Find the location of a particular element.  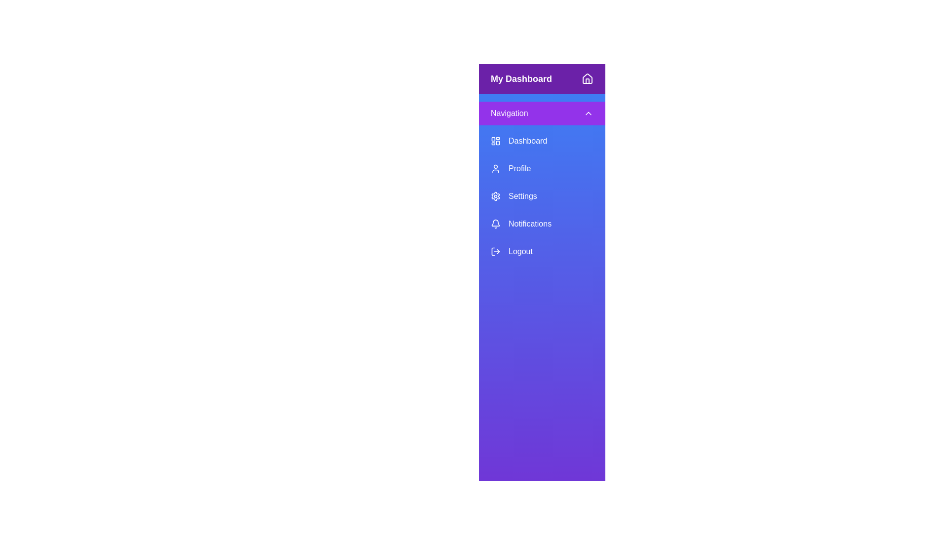

the home icon located in the top-right corner of the header bar, adjacent to the label 'My Dashboard' is located at coordinates (588, 78).